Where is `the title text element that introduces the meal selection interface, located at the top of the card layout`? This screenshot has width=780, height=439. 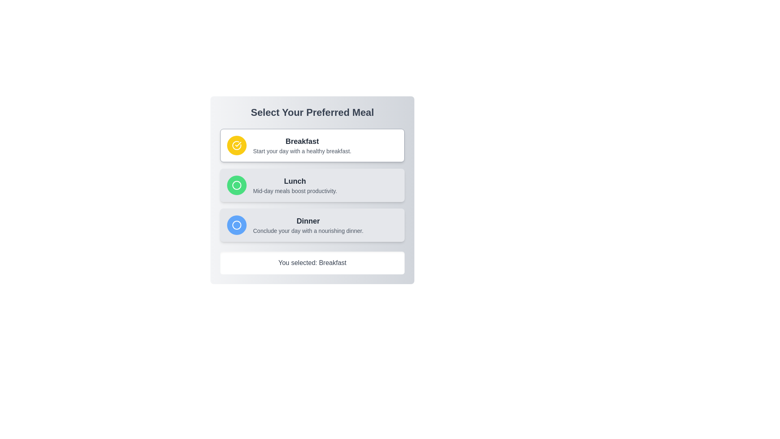 the title text element that introduces the meal selection interface, located at the top of the card layout is located at coordinates (312, 113).